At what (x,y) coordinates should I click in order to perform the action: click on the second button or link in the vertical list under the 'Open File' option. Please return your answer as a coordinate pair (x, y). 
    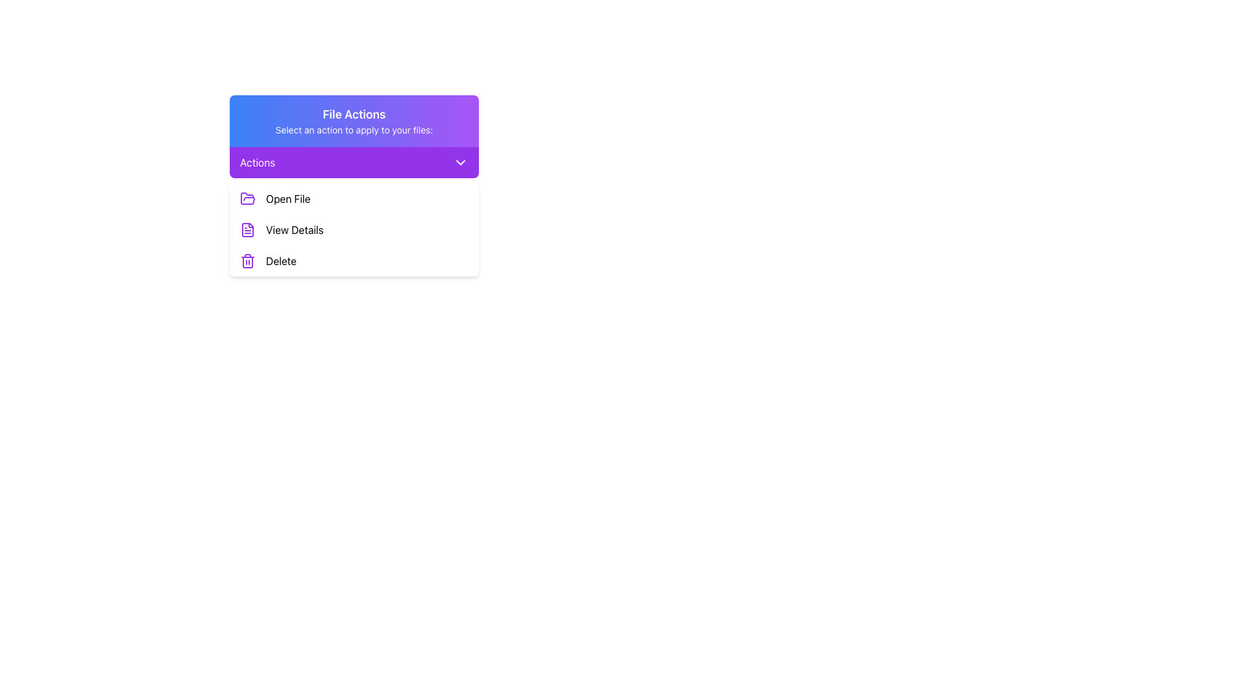
    Looking at the image, I should click on (294, 229).